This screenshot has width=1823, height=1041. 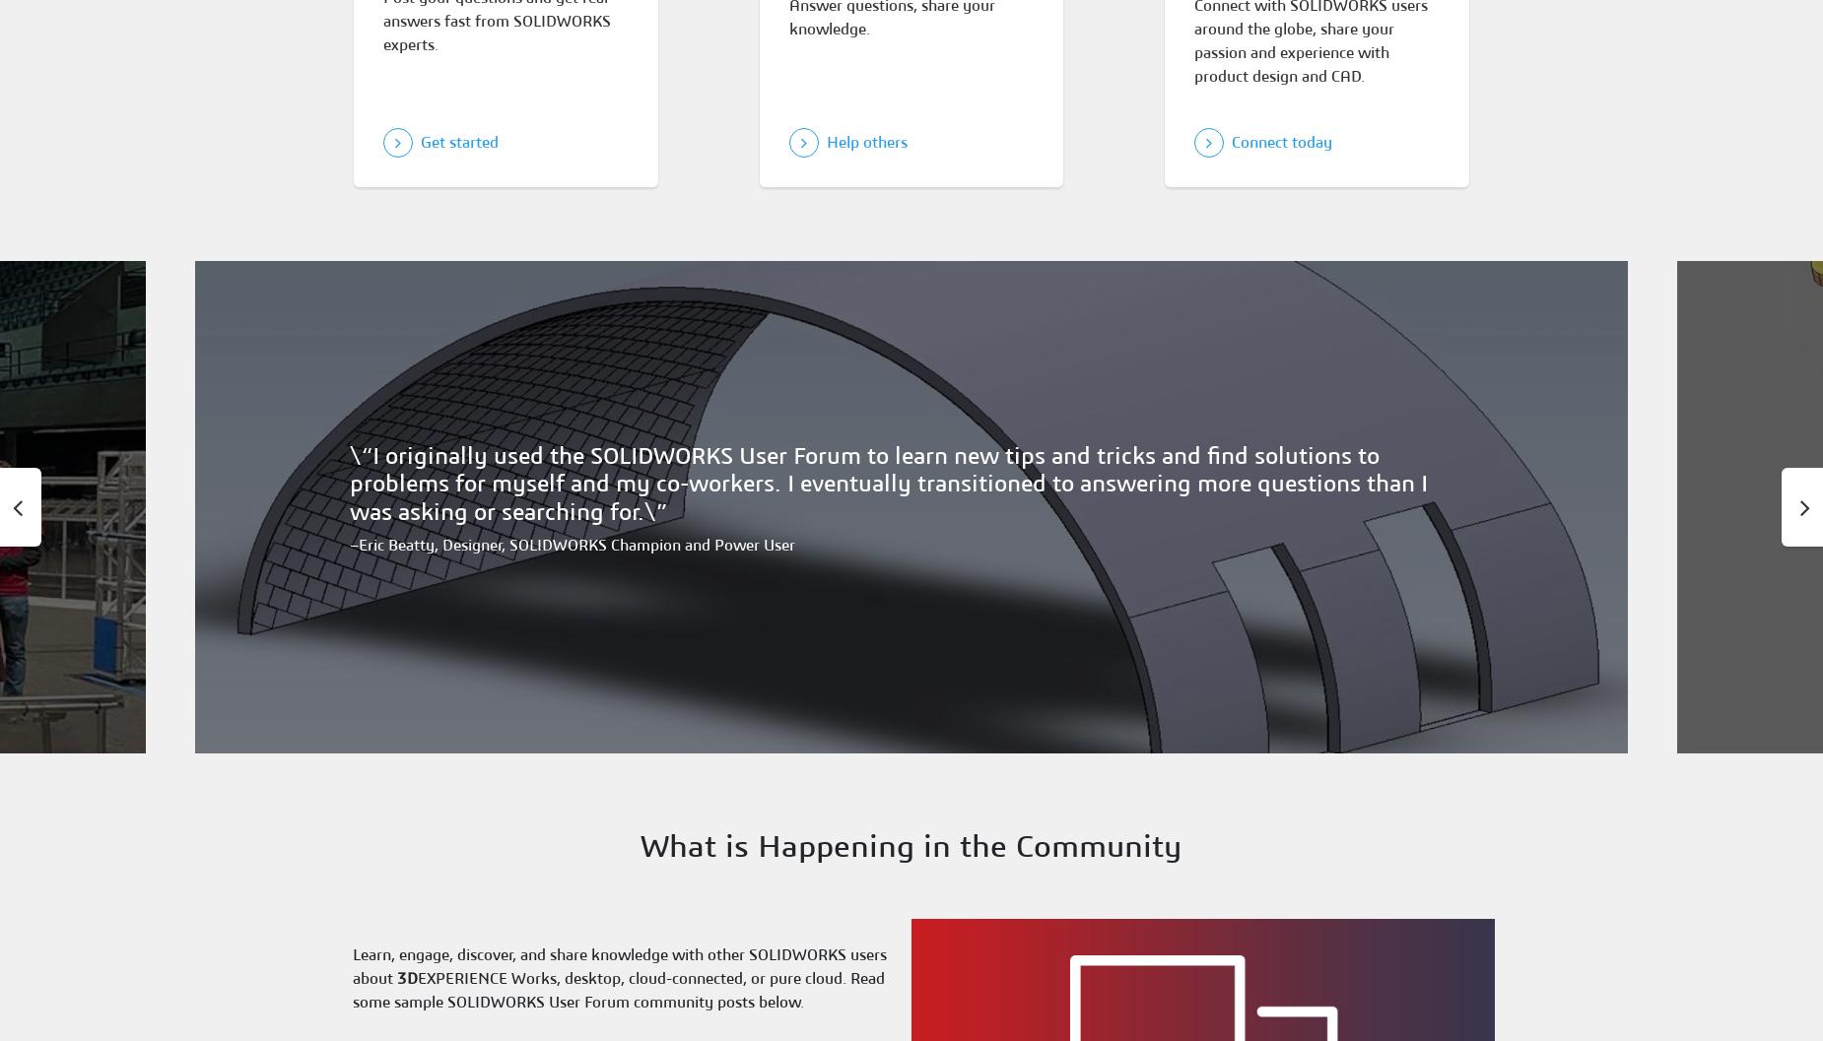 What do you see at coordinates (885, 740) in the screenshot?
I see `'Share what you know'` at bounding box center [885, 740].